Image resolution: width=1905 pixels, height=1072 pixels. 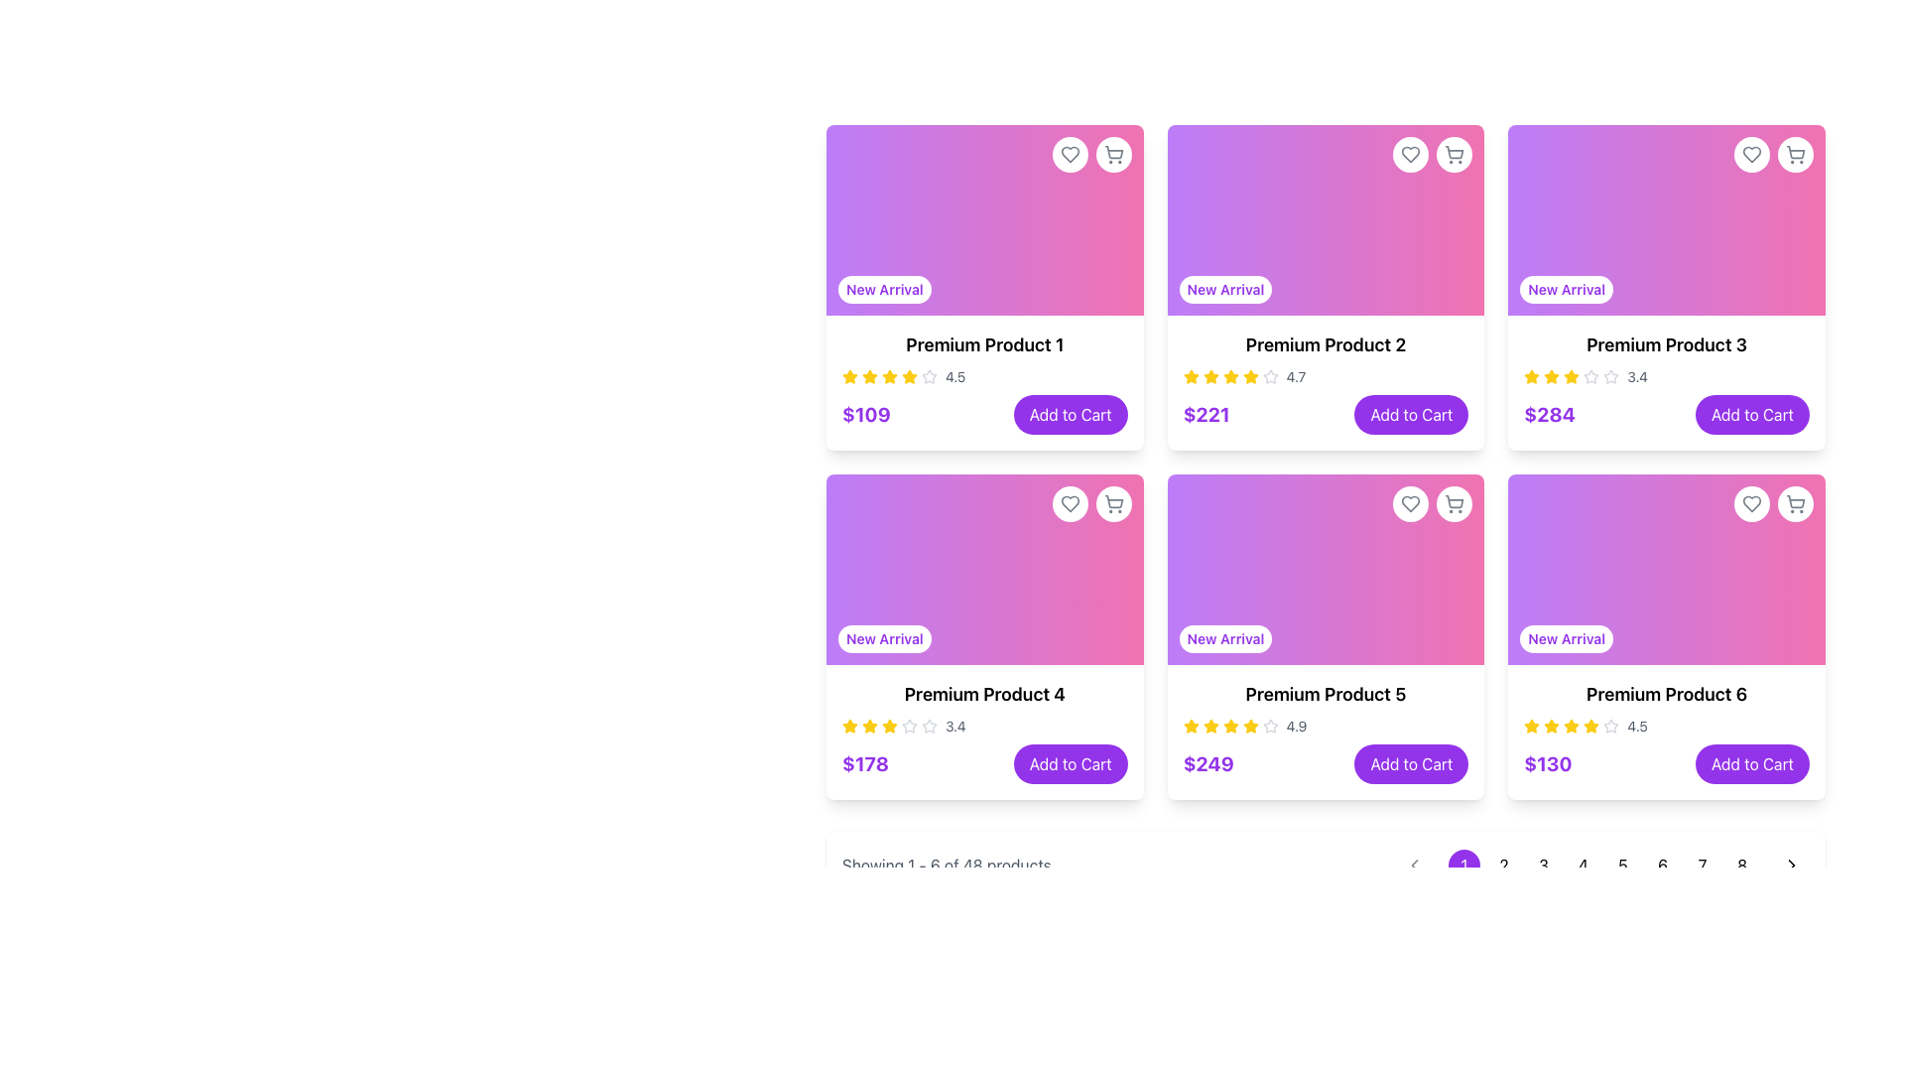 What do you see at coordinates (1741, 864) in the screenshot?
I see `the pagination button for the eighth page located at the bottom-right corner of the interface` at bounding box center [1741, 864].